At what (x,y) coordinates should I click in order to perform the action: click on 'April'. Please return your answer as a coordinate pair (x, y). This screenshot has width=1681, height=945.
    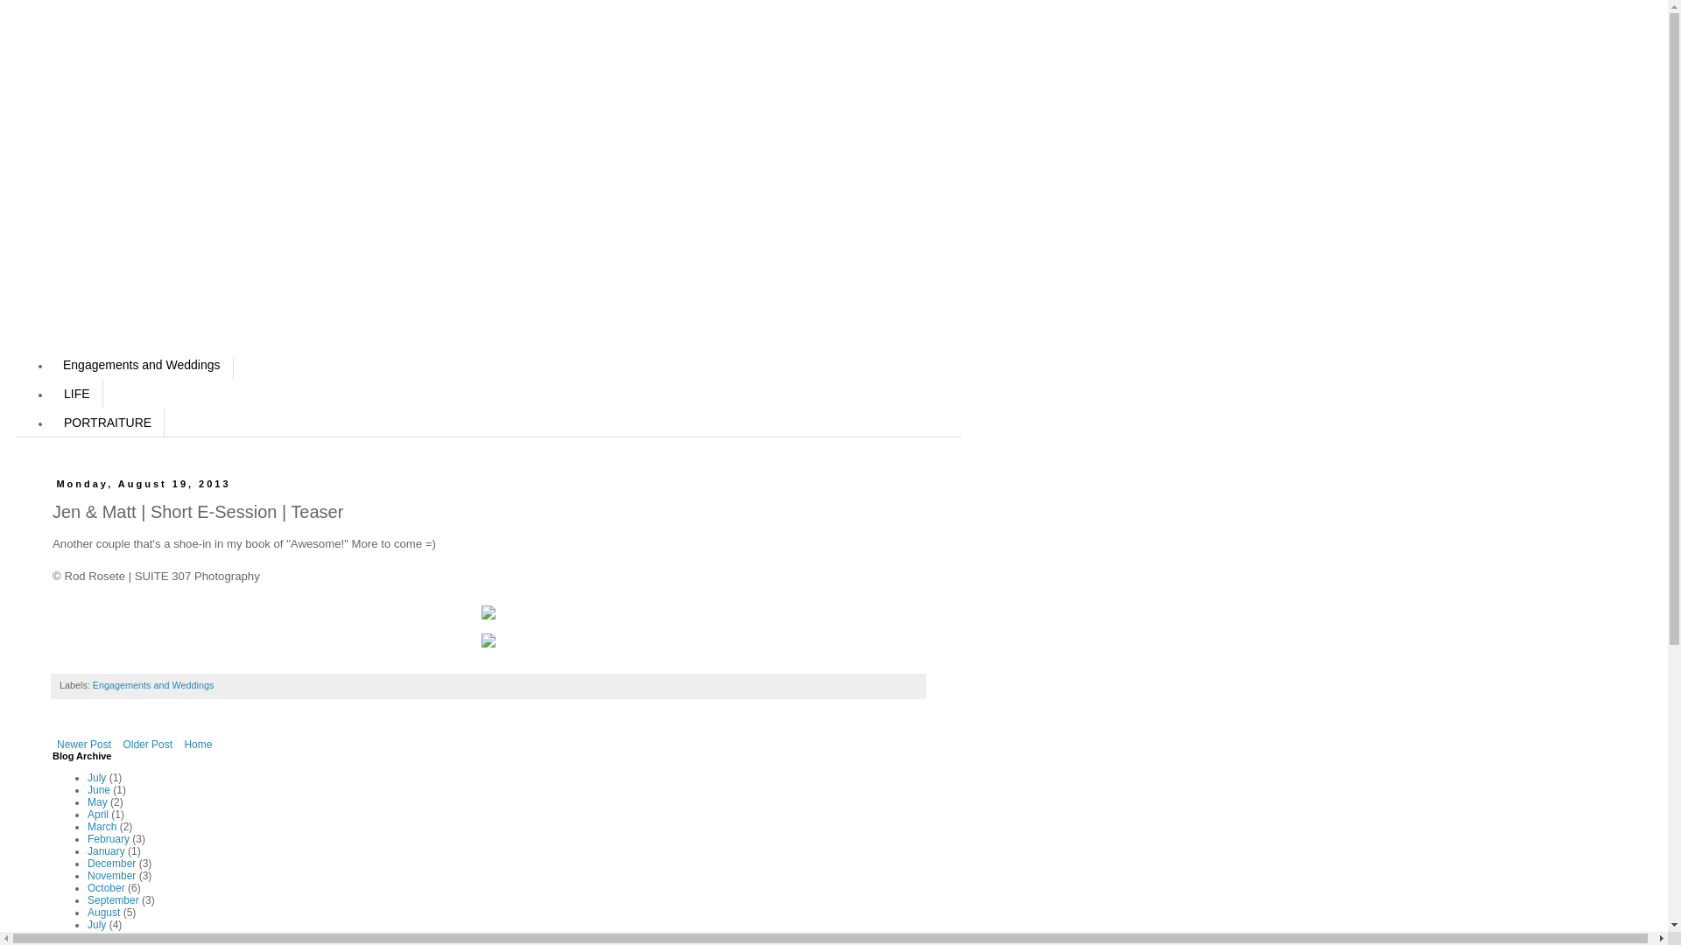
    Looking at the image, I should click on (96, 814).